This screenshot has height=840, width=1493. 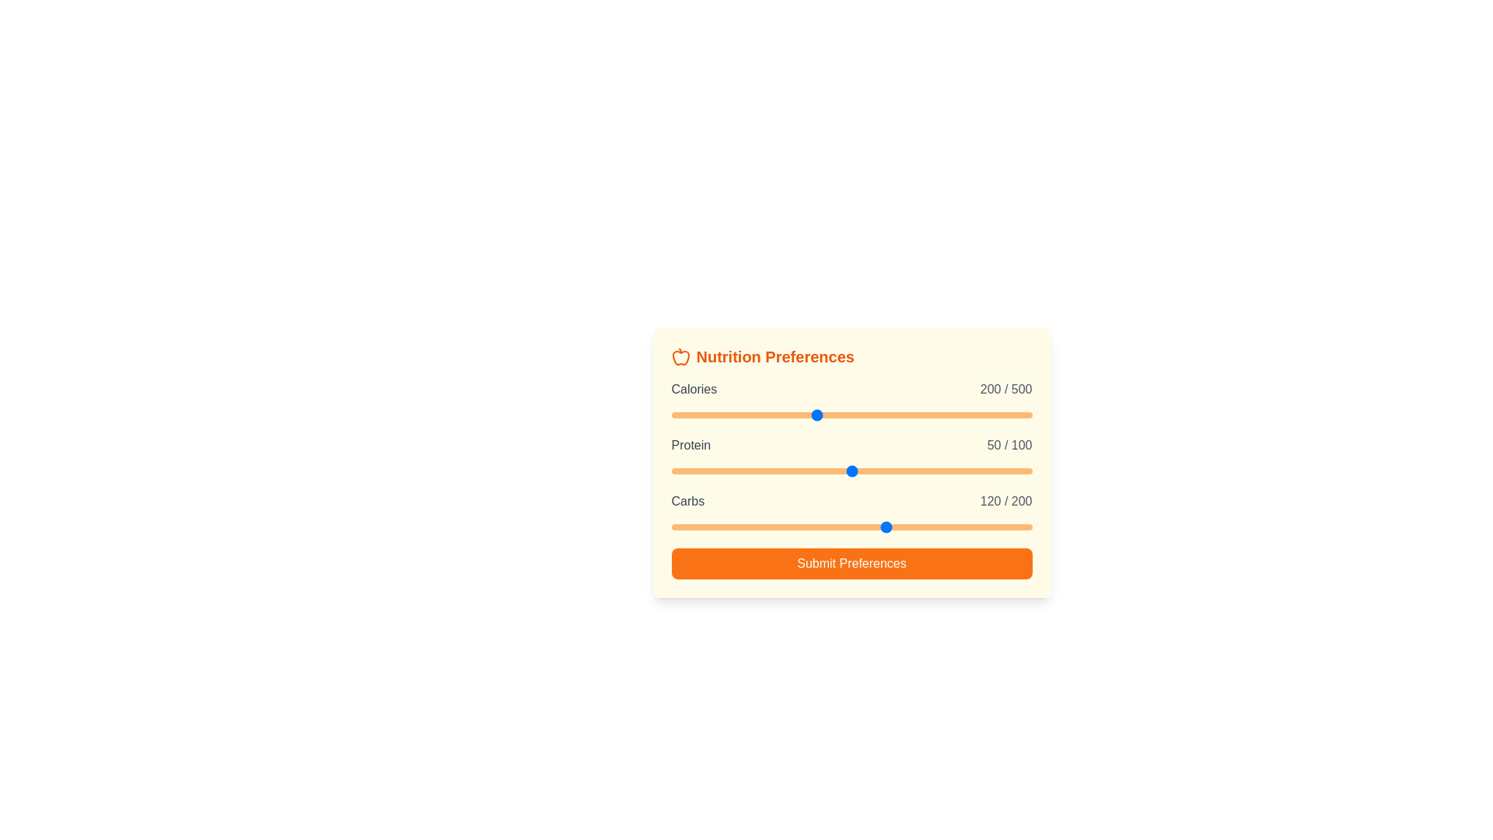 I want to click on the carbs value, so click(x=948, y=527).